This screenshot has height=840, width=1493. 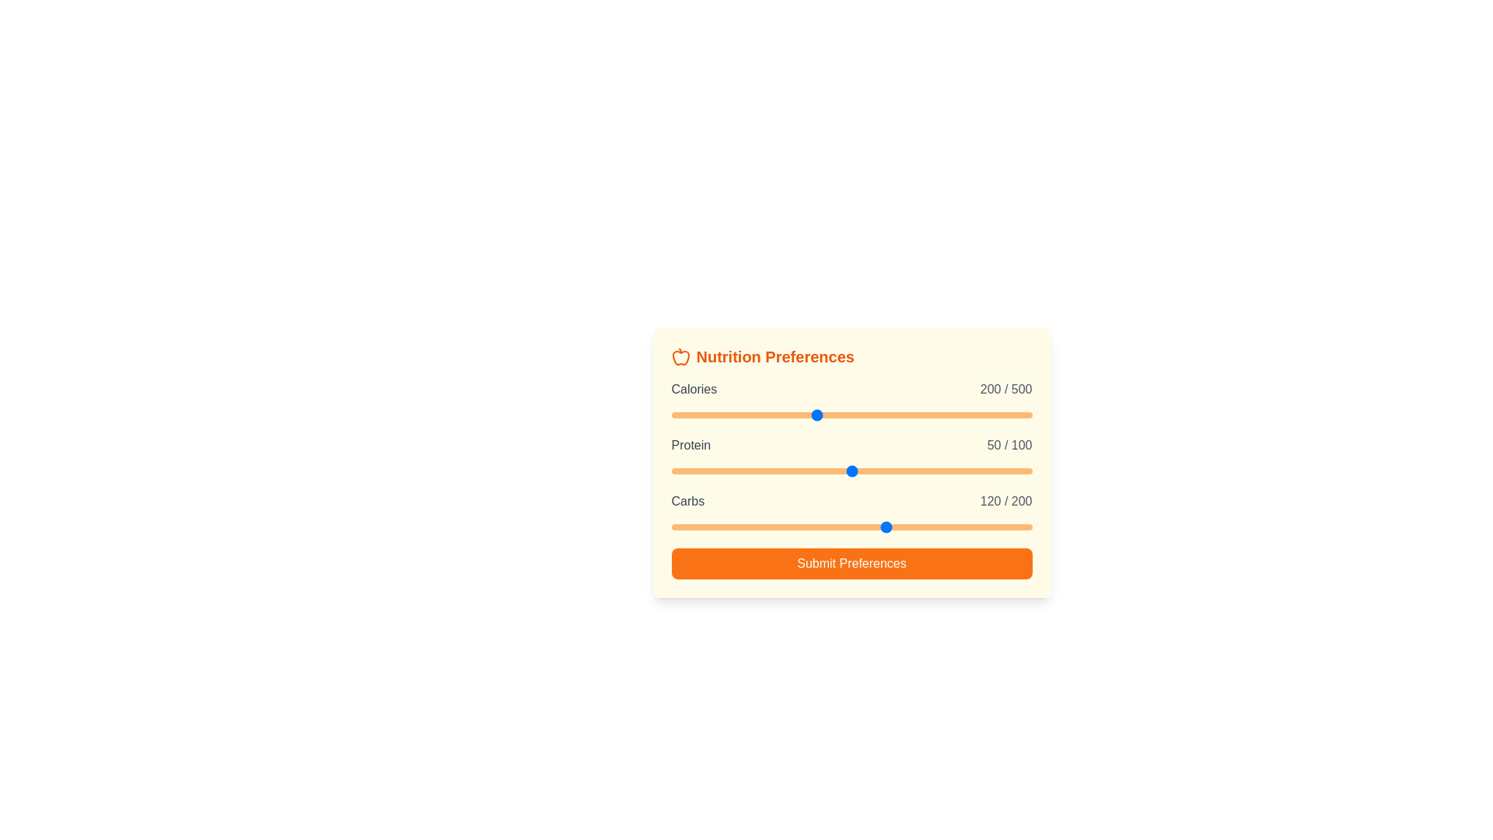 I want to click on the carbs value, so click(x=948, y=527).